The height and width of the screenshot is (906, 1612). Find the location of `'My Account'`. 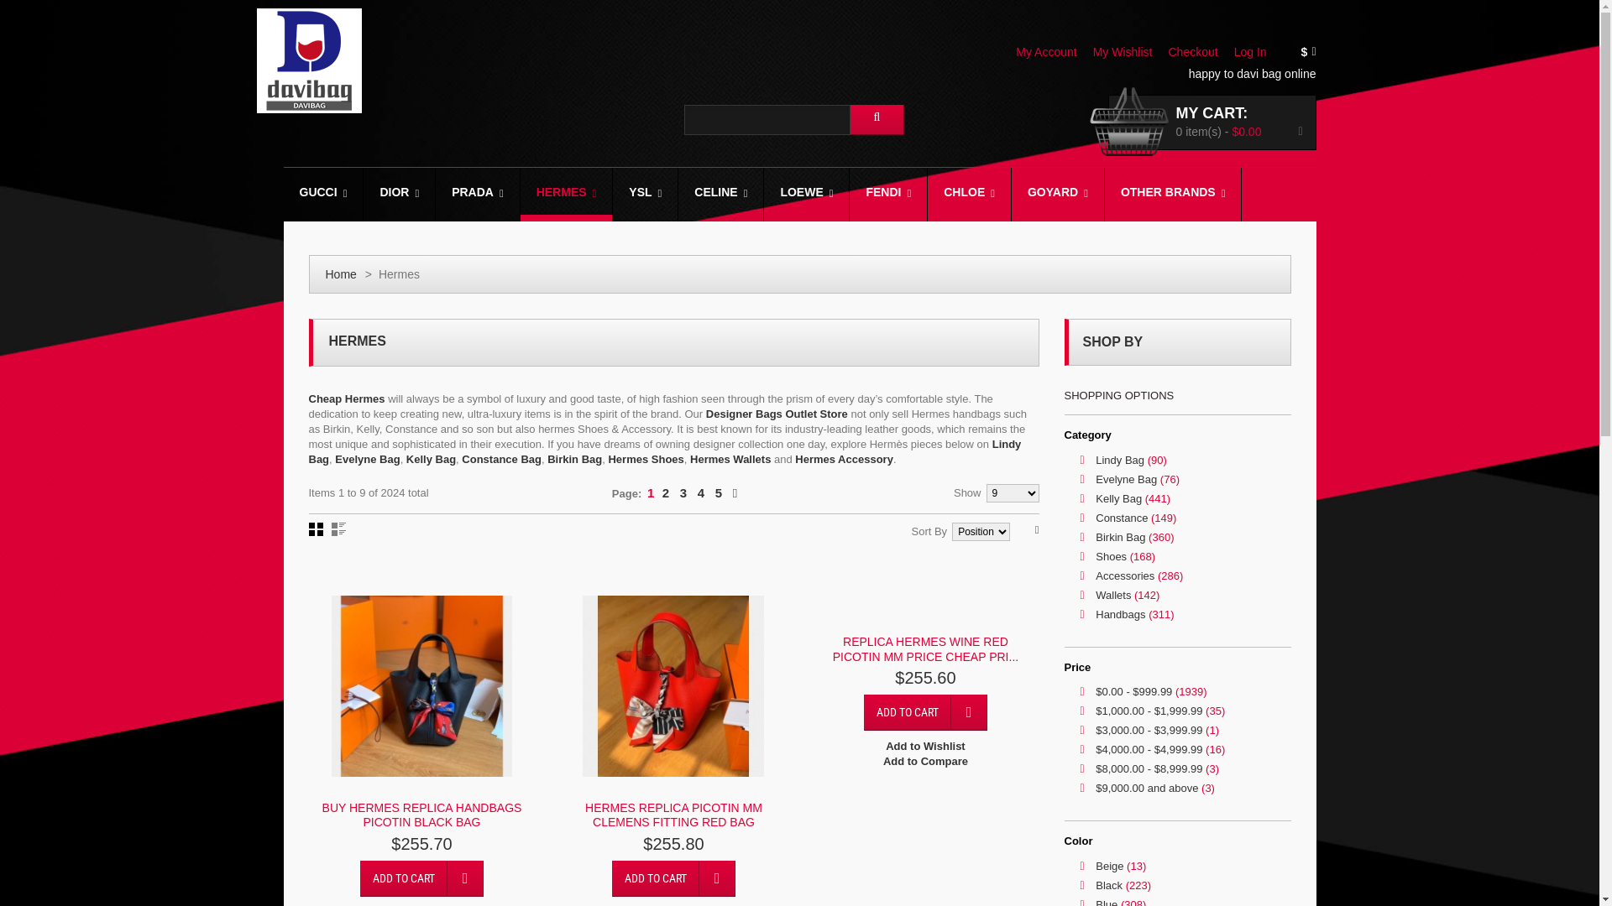

'My Account' is located at coordinates (1051, 50).